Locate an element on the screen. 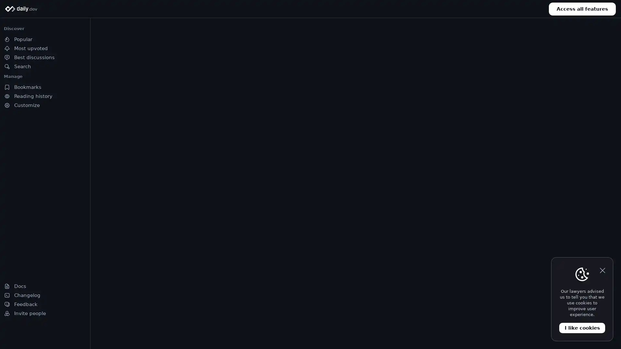 Image resolution: width=621 pixels, height=349 pixels. Options is located at coordinates (566, 74).